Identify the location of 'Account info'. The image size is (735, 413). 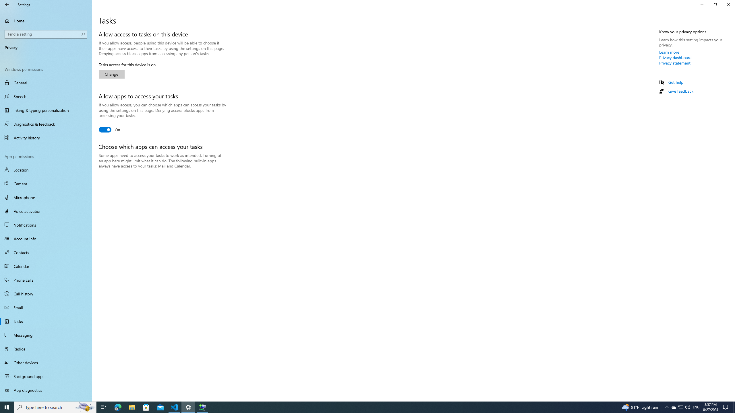
(46, 238).